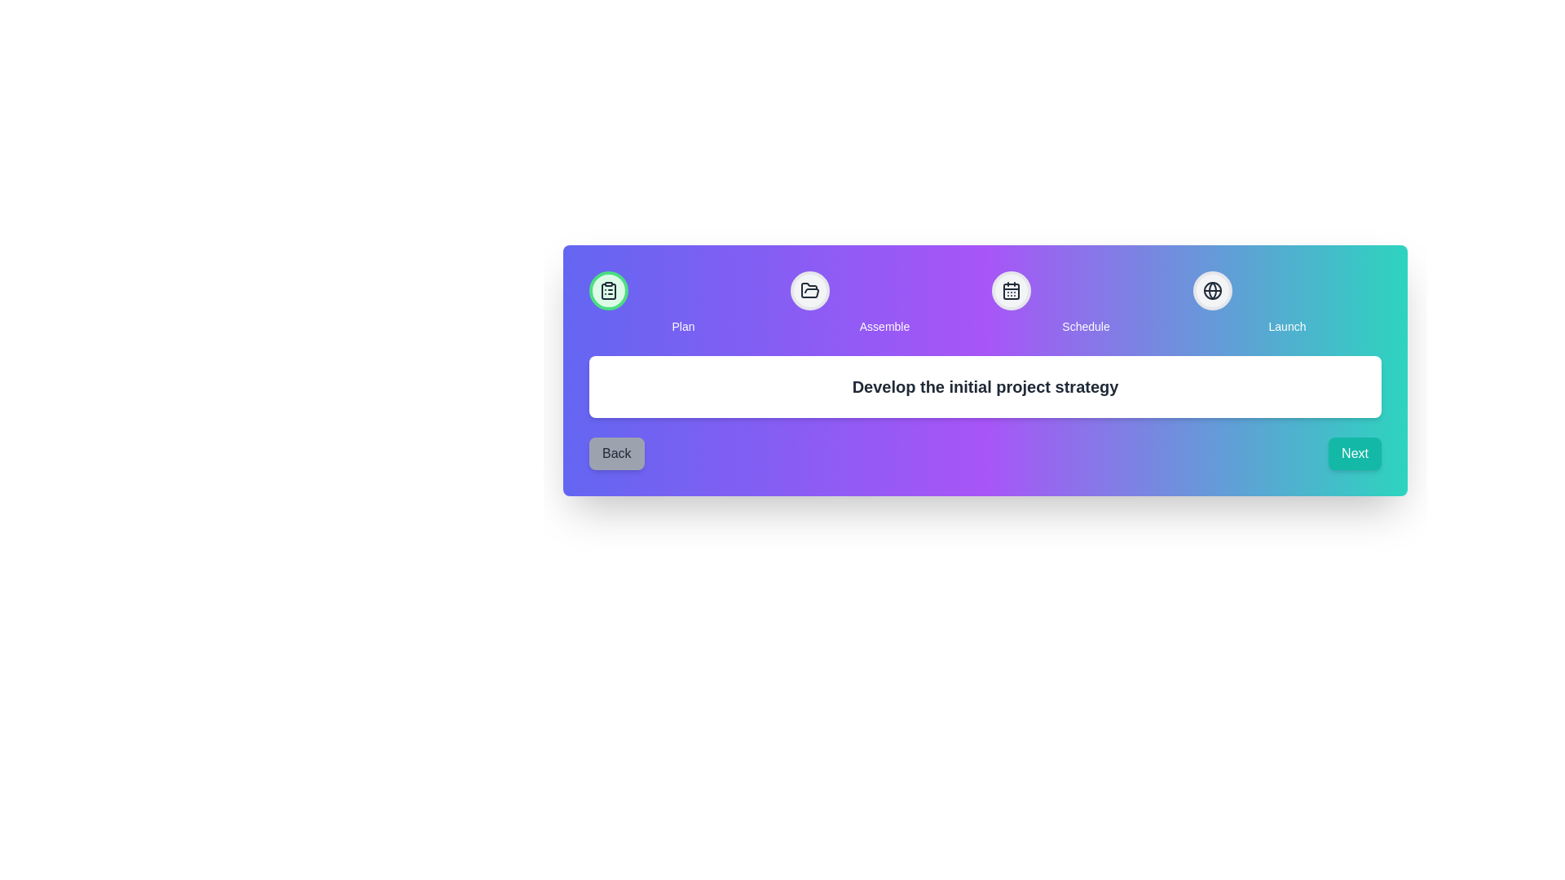  Describe the element at coordinates (1213, 290) in the screenshot. I see `the step Launch to interact with it` at that location.